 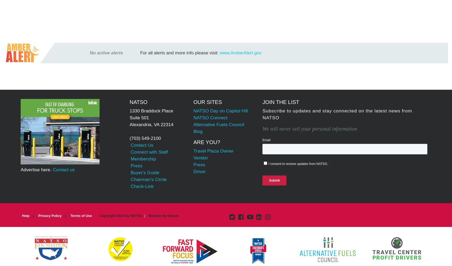 What do you see at coordinates (219, 124) in the screenshot?
I see `'Alternative Fuels Council'` at bounding box center [219, 124].